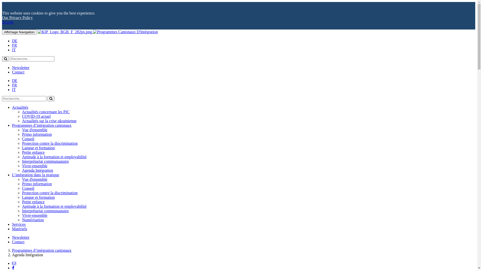 This screenshot has width=481, height=270. What do you see at coordinates (12, 237) in the screenshot?
I see `'Newsletter'` at bounding box center [12, 237].